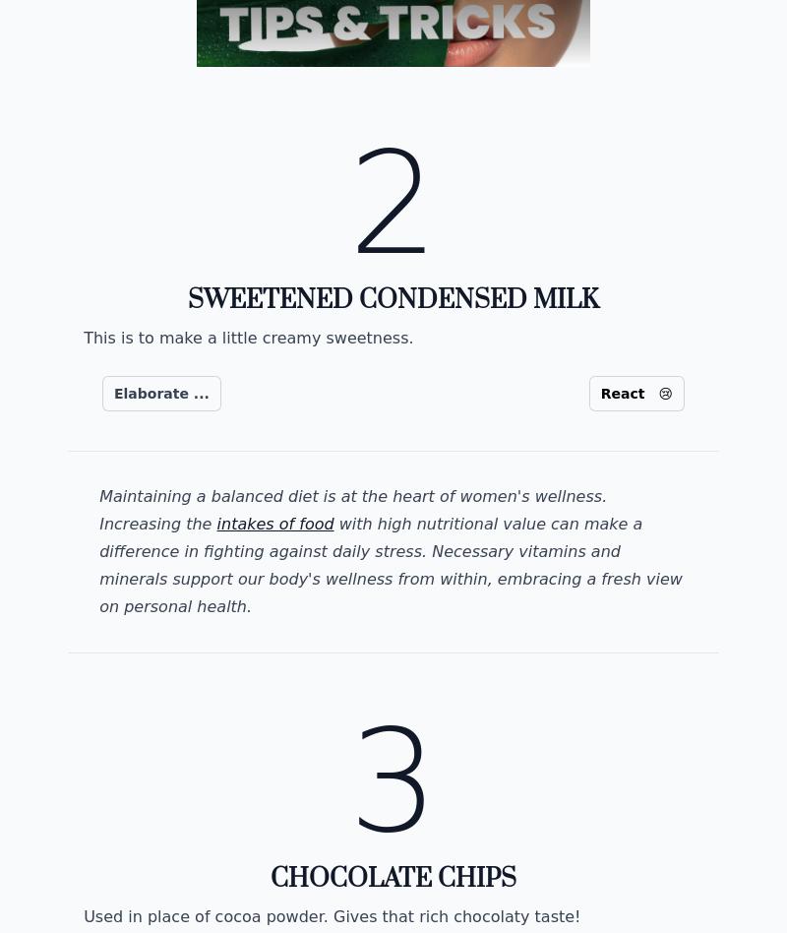 The width and height of the screenshot is (787, 933). I want to click on 'Maintaining a balanced diet is at the heart of women's wellness. Increasing the', so click(352, 510).